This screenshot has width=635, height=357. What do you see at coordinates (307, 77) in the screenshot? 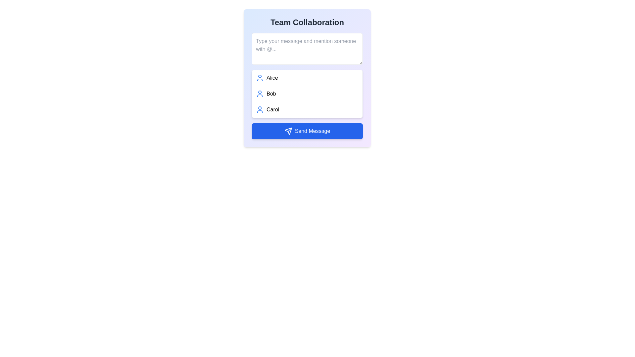
I see `the selectable list item representing the user named 'Alice' to interact with it` at bounding box center [307, 77].